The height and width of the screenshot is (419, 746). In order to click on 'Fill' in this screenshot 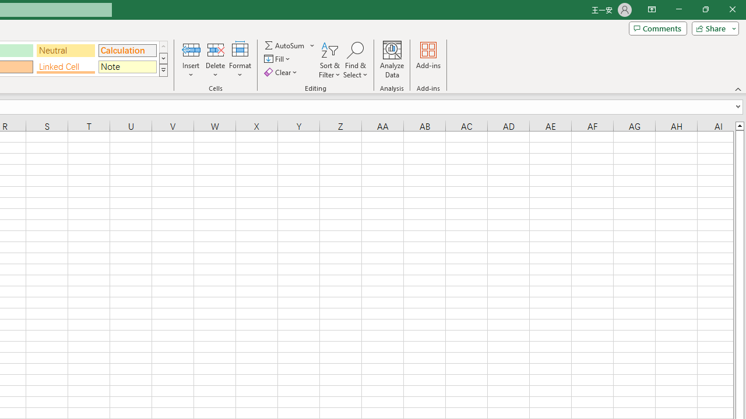, I will do `click(278, 59)`.